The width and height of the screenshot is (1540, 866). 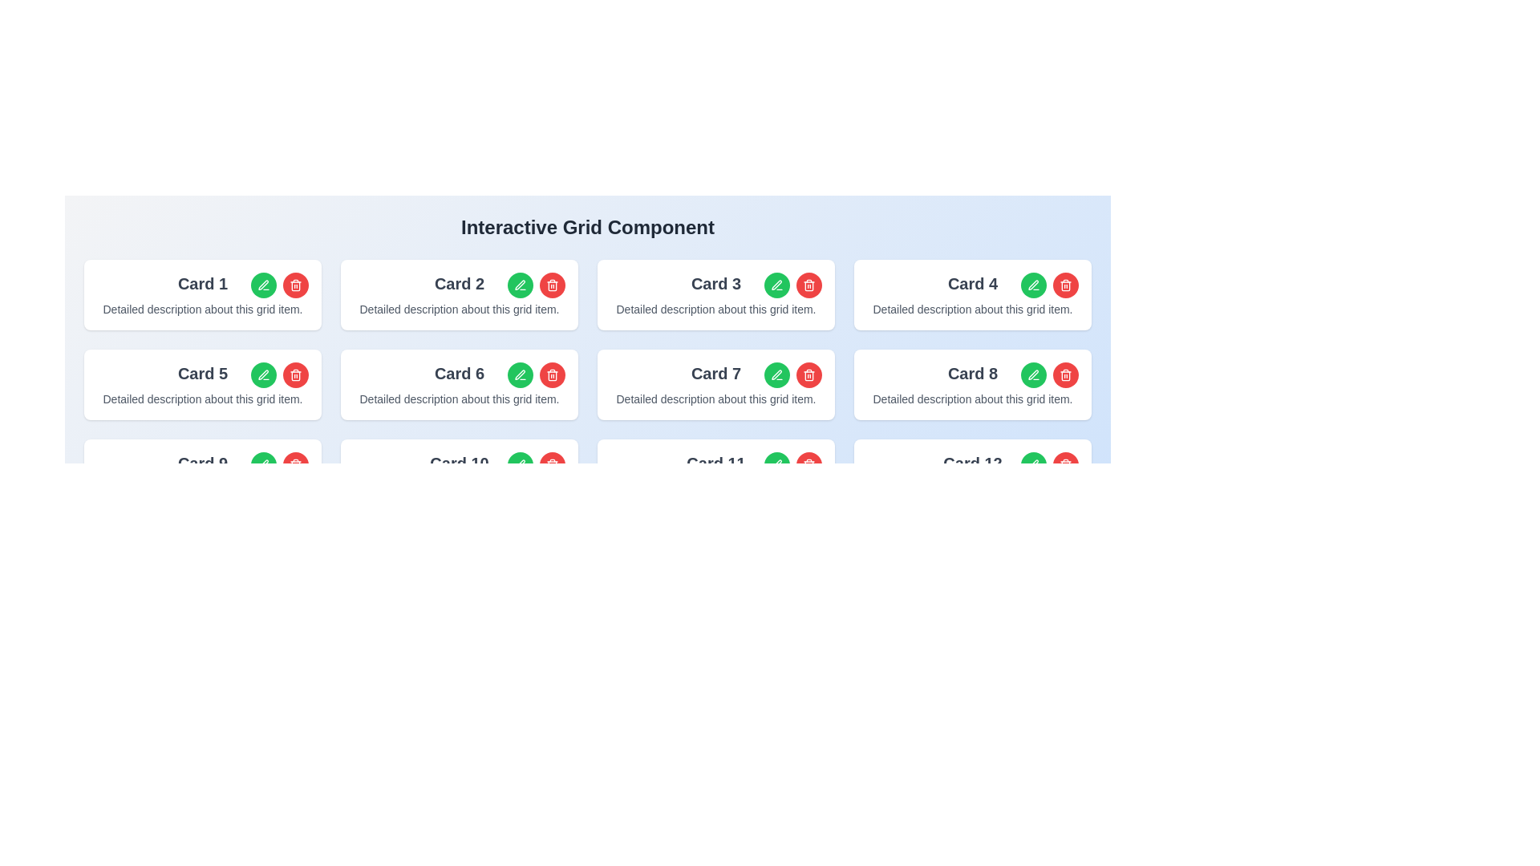 What do you see at coordinates (458, 384) in the screenshot?
I see `title 'Card 6' and the description 'Detailed description about this grid item.' from the sixth card in the grid layout, which has a white background and is located in the Interactive Grid Component` at bounding box center [458, 384].